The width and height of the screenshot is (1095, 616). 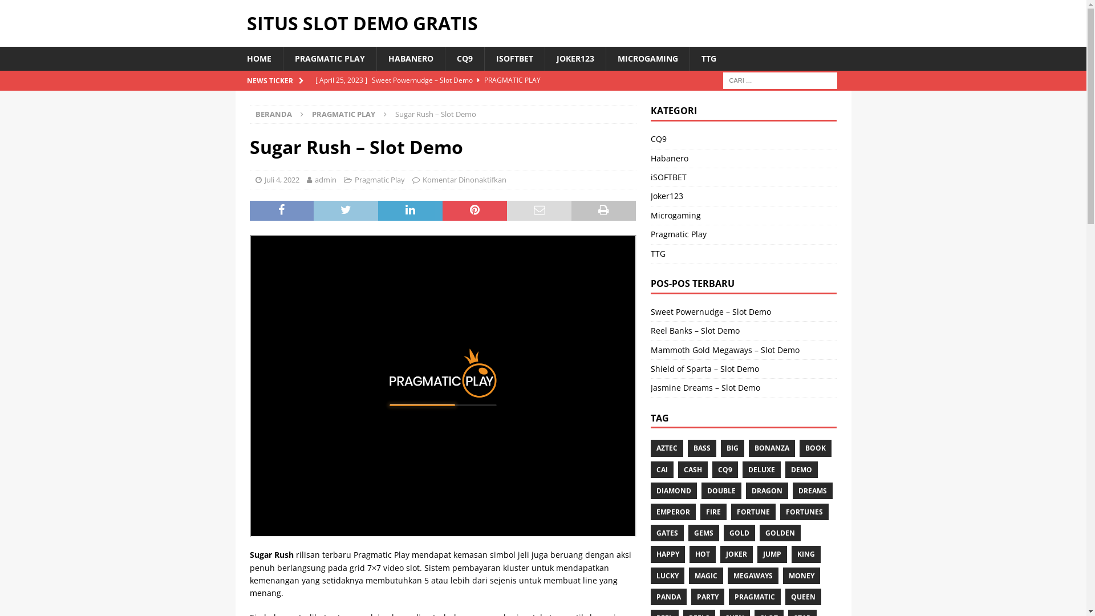 I want to click on 'MEGAWAYS', so click(x=753, y=576).